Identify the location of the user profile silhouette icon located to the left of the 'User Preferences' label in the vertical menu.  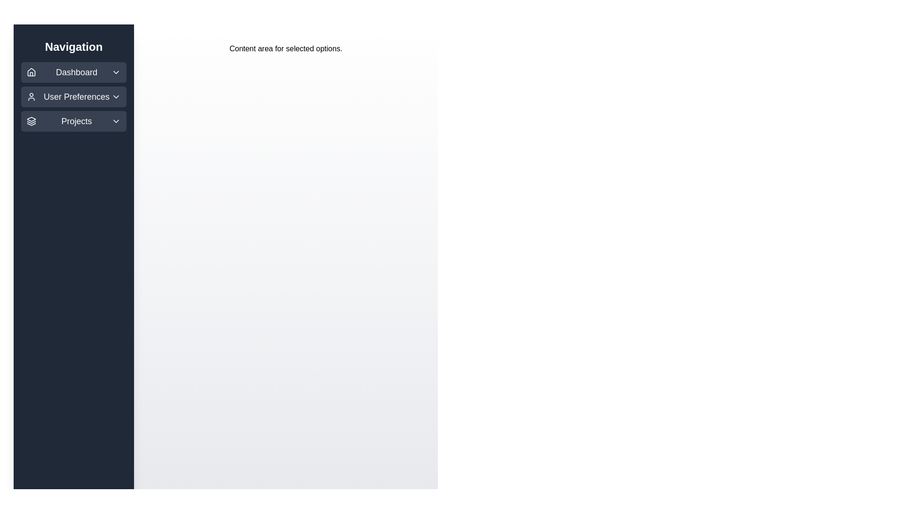
(32, 96).